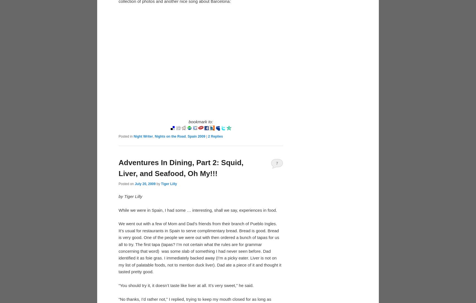 Image resolution: width=476 pixels, height=303 pixels. Describe the element at coordinates (216, 136) in the screenshot. I see `'Replies'` at that location.